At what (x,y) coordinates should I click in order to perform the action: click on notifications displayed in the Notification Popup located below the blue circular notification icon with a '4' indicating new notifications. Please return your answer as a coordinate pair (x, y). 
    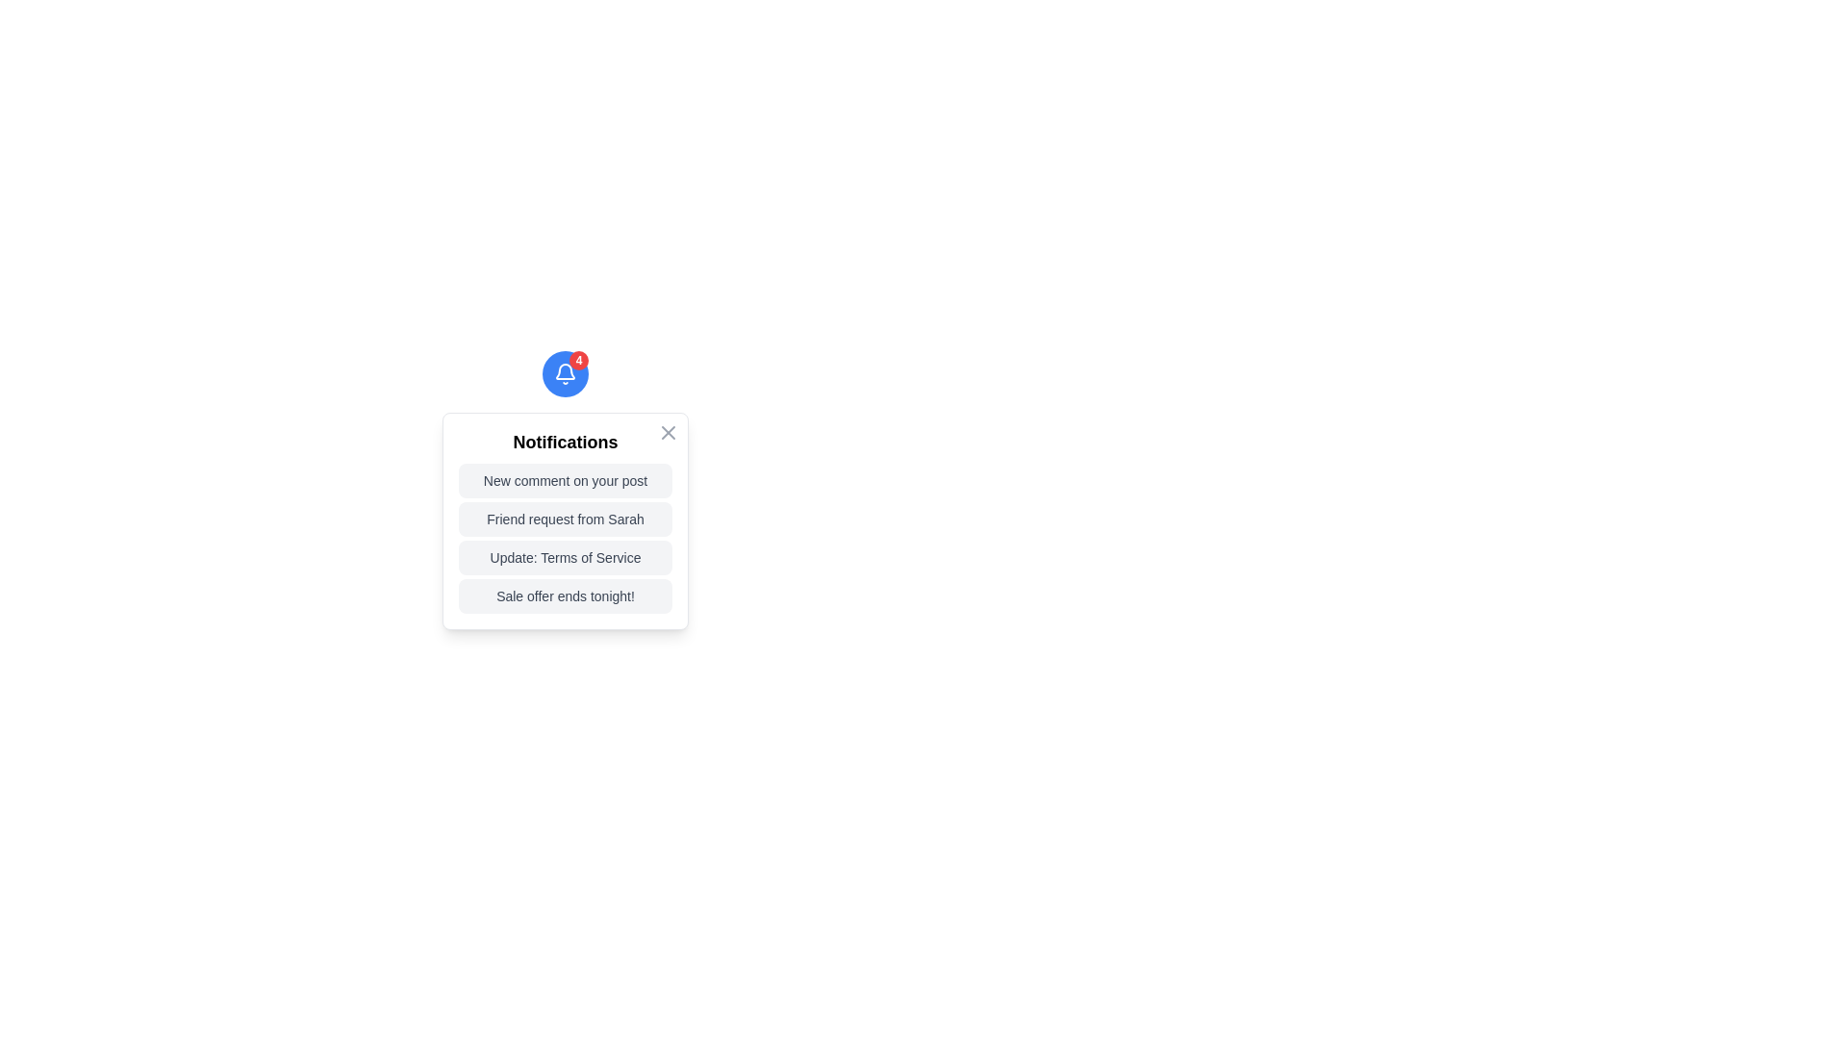
    Looking at the image, I should click on (565, 521).